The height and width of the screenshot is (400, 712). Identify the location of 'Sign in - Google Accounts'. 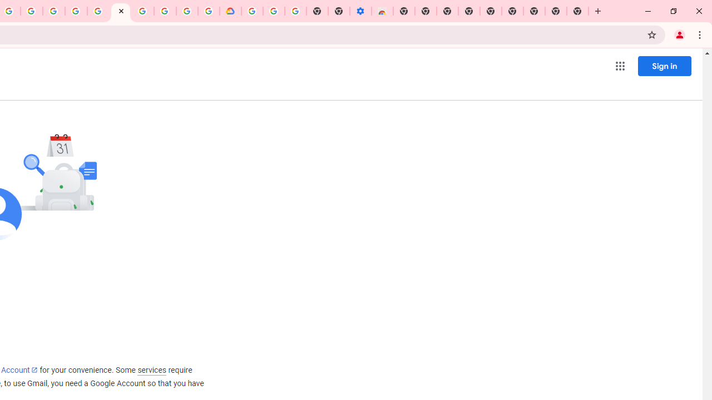
(98, 11).